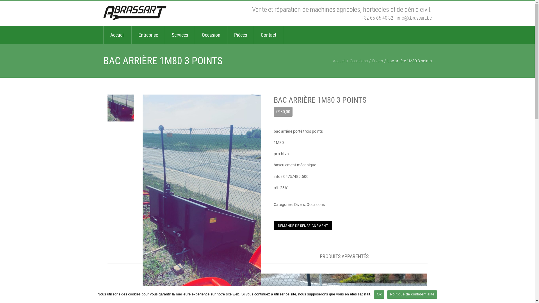  What do you see at coordinates (117, 35) in the screenshot?
I see `'Accueil'` at bounding box center [117, 35].